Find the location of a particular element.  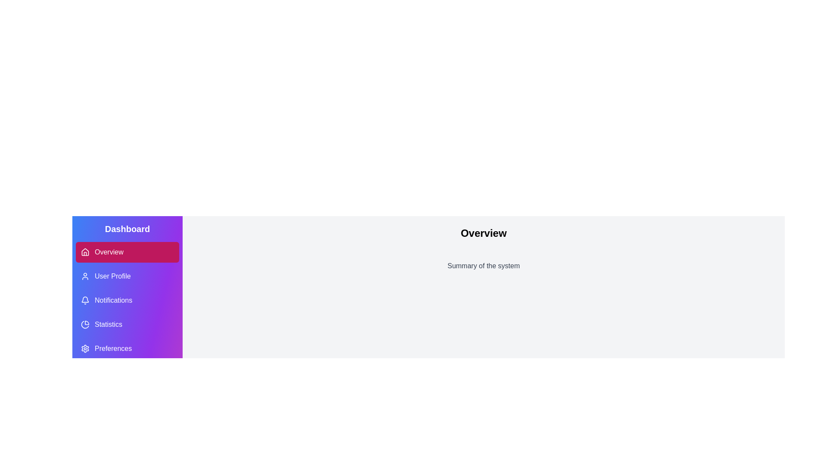

decorative bell icon located in the sidebar, positioned between the 'User Profile' and 'Statistics' text, to check for notifications or alerts is located at coordinates (85, 299).